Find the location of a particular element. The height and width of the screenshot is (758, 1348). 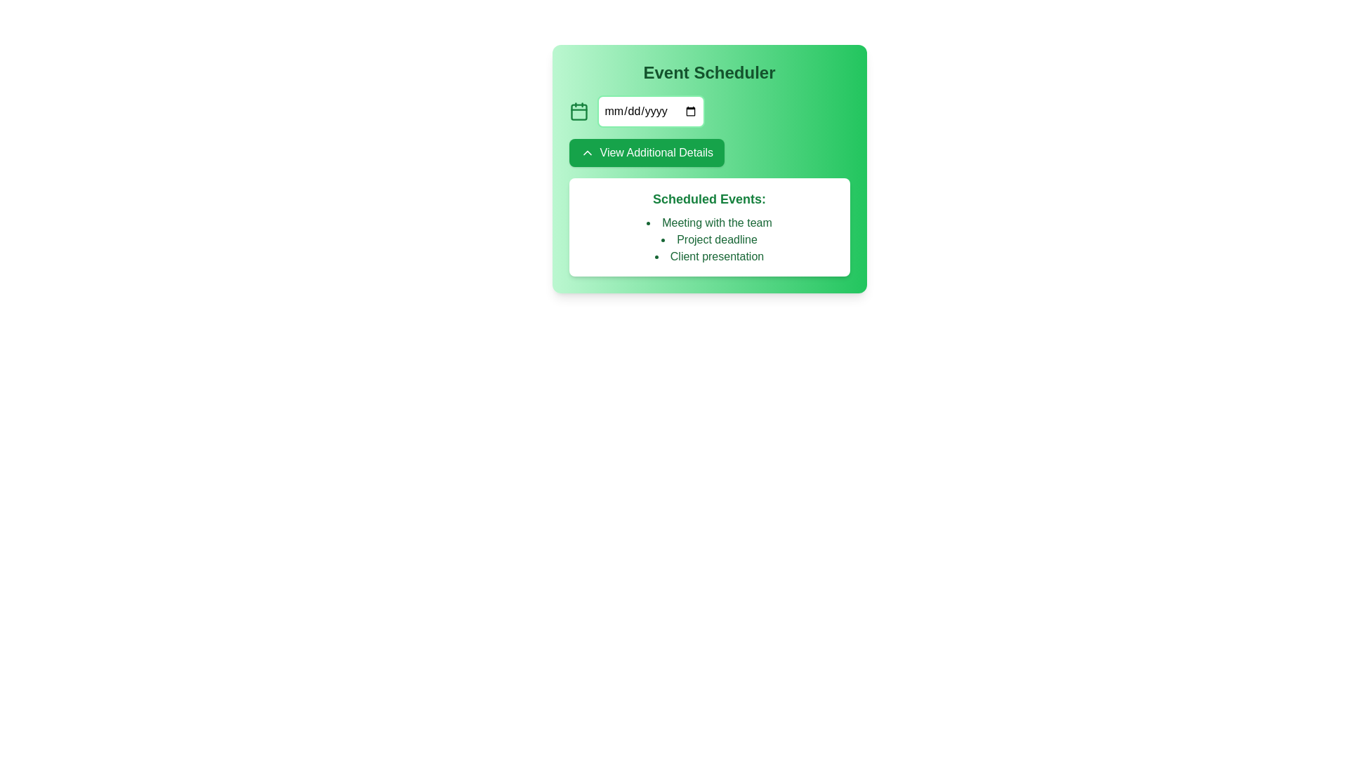

the text label indicating 'Project deadline' within the green-toned card interface under 'Scheduled Events' is located at coordinates (709, 239).